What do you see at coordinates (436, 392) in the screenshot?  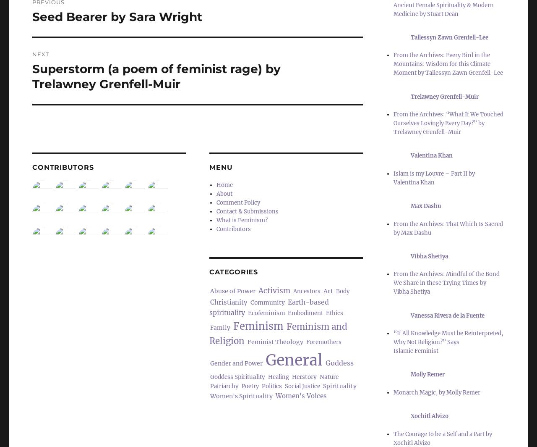 I see `'Monarch Magic, by Molly Remer'` at bounding box center [436, 392].